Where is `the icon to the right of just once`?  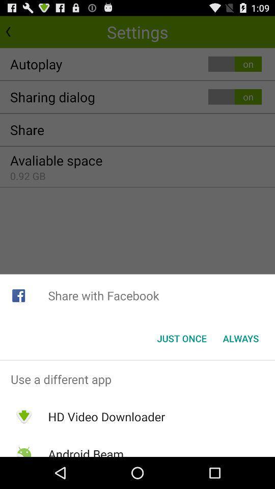 the icon to the right of just once is located at coordinates (240, 338).